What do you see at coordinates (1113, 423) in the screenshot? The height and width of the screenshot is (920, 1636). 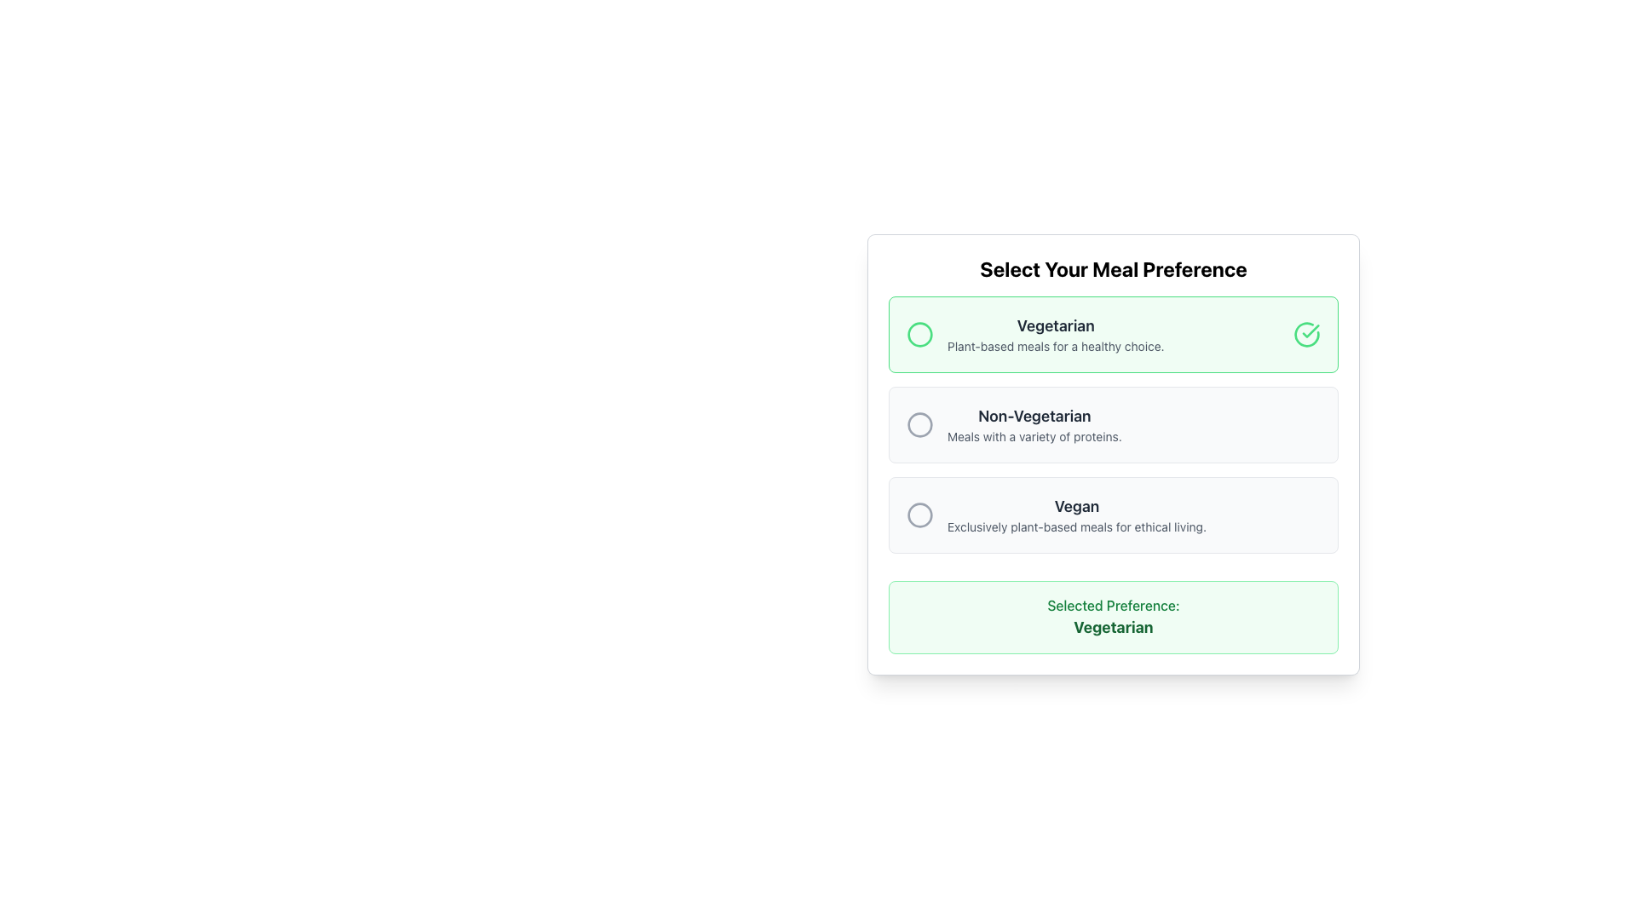 I see `the radio button for the 'Non-Vegetarian' meal preference option, which is the second option in a vertical list of meal preferences` at bounding box center [1113, 423].